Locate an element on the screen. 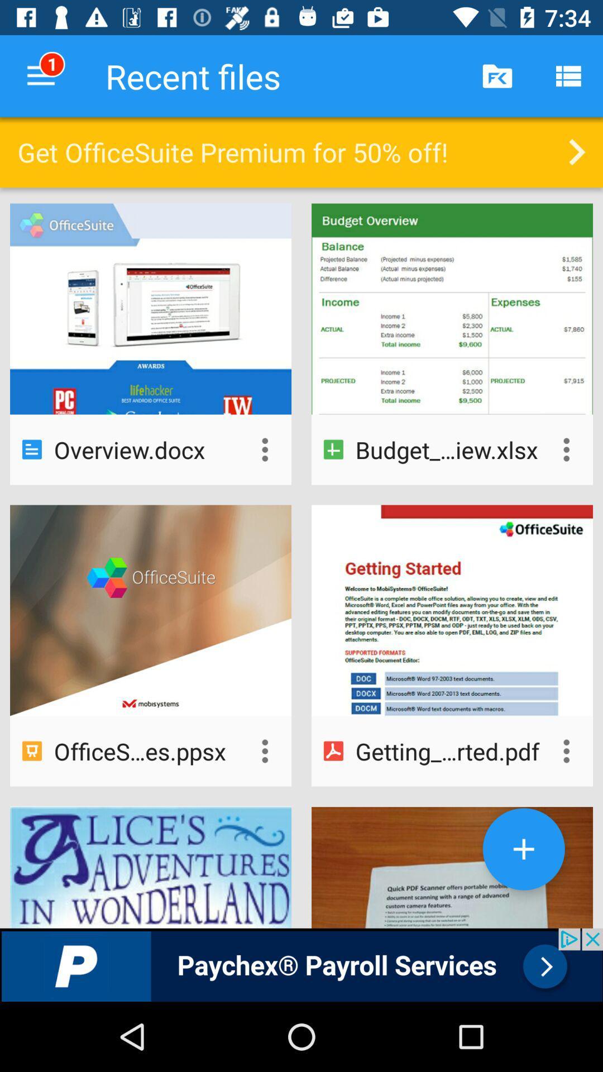 Image resolution: width=603 pixels, height=1072 pixels. more option is located at coordinates (566, 449).